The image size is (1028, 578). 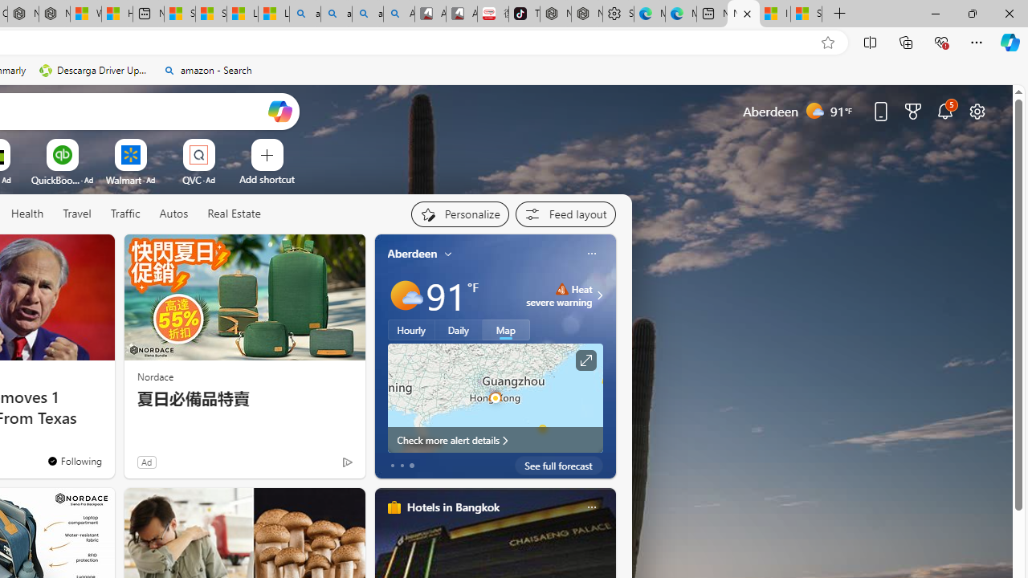 What do you see at coordinates (412, 253) in the screenshot?
I see `'Aberdeen'` at bounding box center [412, 253].